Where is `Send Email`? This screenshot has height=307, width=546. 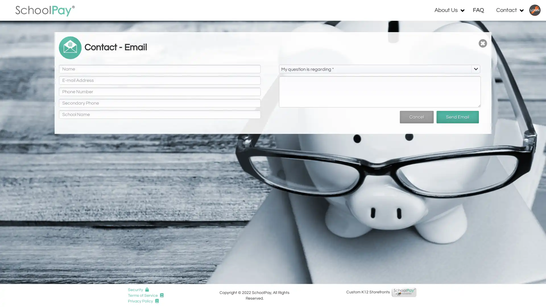
Send Email is located at coordinates (457, 117).